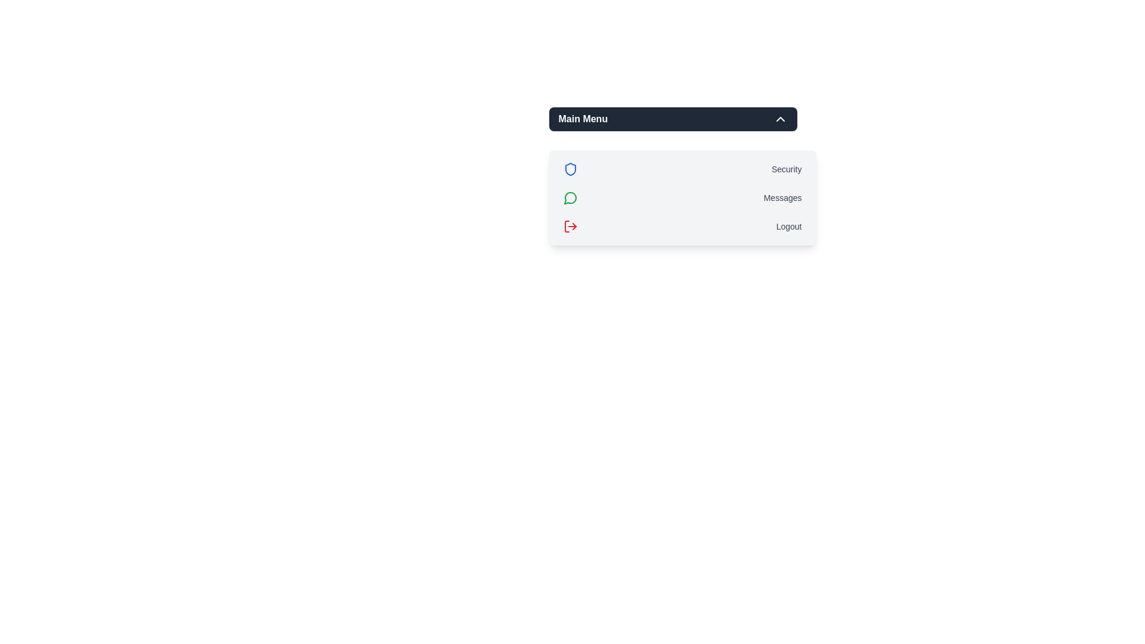 Image resolution: width=1145 pixels, height=644 pixels. What do you see at coordinates (569, 197) in the screenshot?
I see `the message icon component located in the options menu under the 'Messages' label, which is positioned in the second row of the menu` at bounding box center [569, 197].